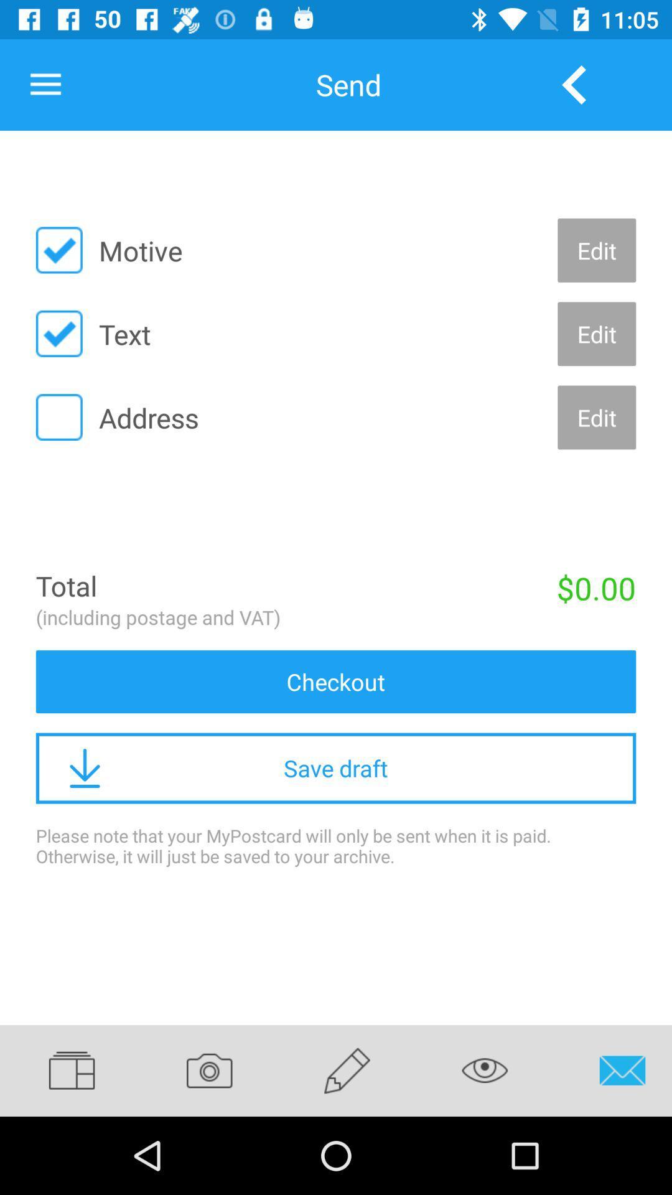 The image size is (672, 1195). Describe the element at coordinates (45, 84) in the screenshot. I see `the item to the left of send` at that location.